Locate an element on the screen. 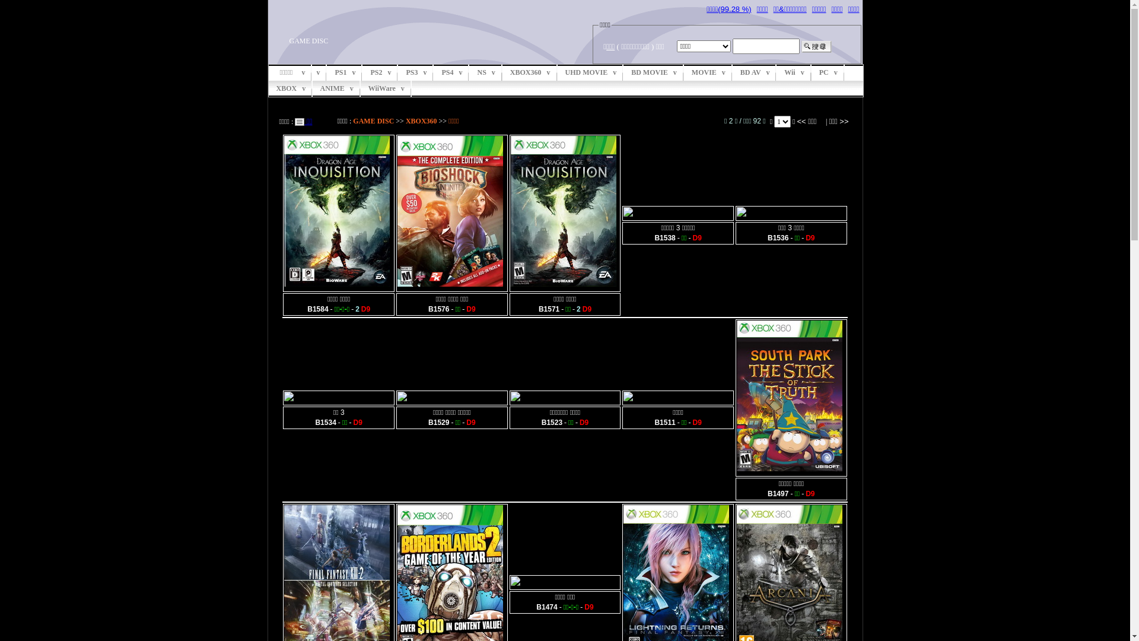  '  MOVIE  ' is located at coordinates (708, 72).